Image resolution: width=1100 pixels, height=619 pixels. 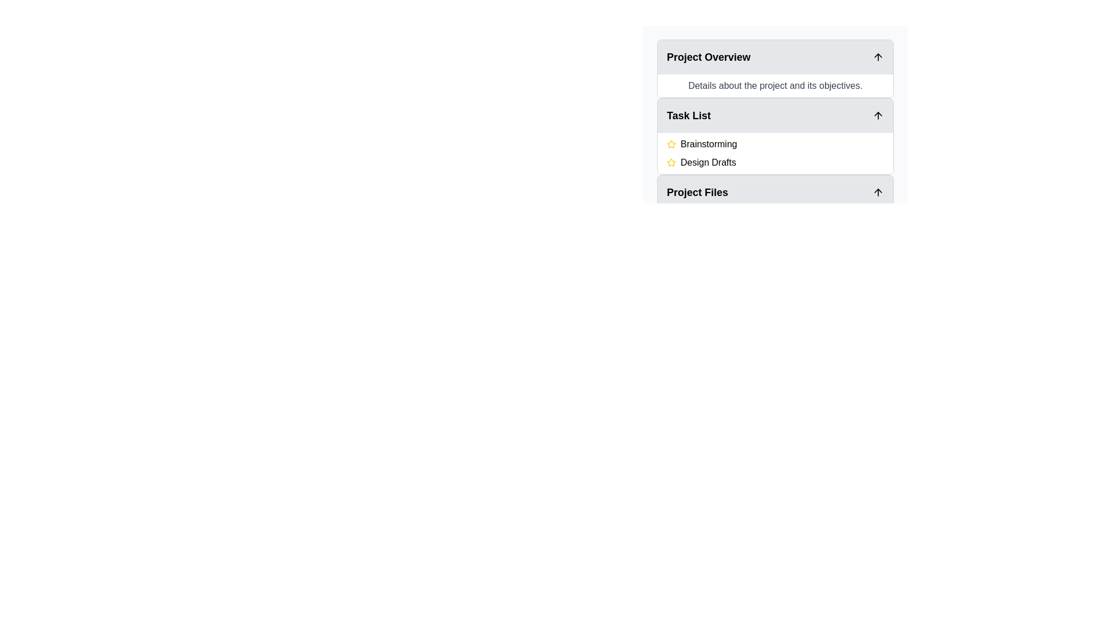 What do you see at coordinates (697, 191) in the screenshot?
I see `the 'Task List' text label, which indicates a section within the interface and is styled with a shaded background` at bounding box center [697, 191].